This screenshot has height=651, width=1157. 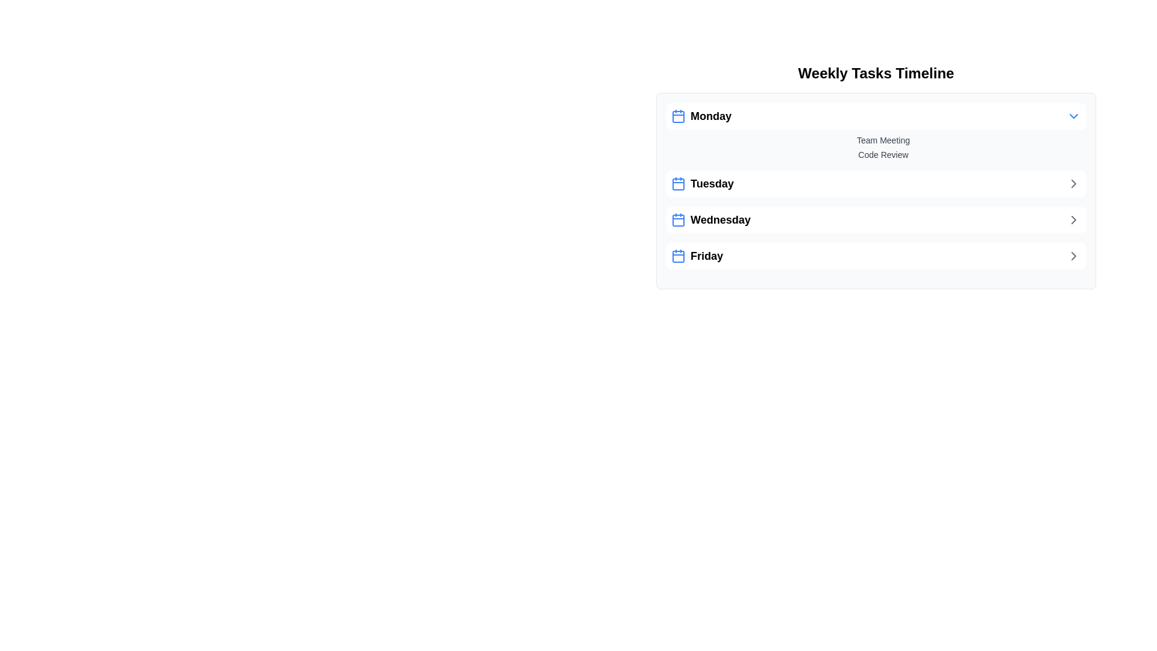 I want to click on the calendar icon with a blue outline located next to the text 'Wednesday', so click(x=679, y=220).